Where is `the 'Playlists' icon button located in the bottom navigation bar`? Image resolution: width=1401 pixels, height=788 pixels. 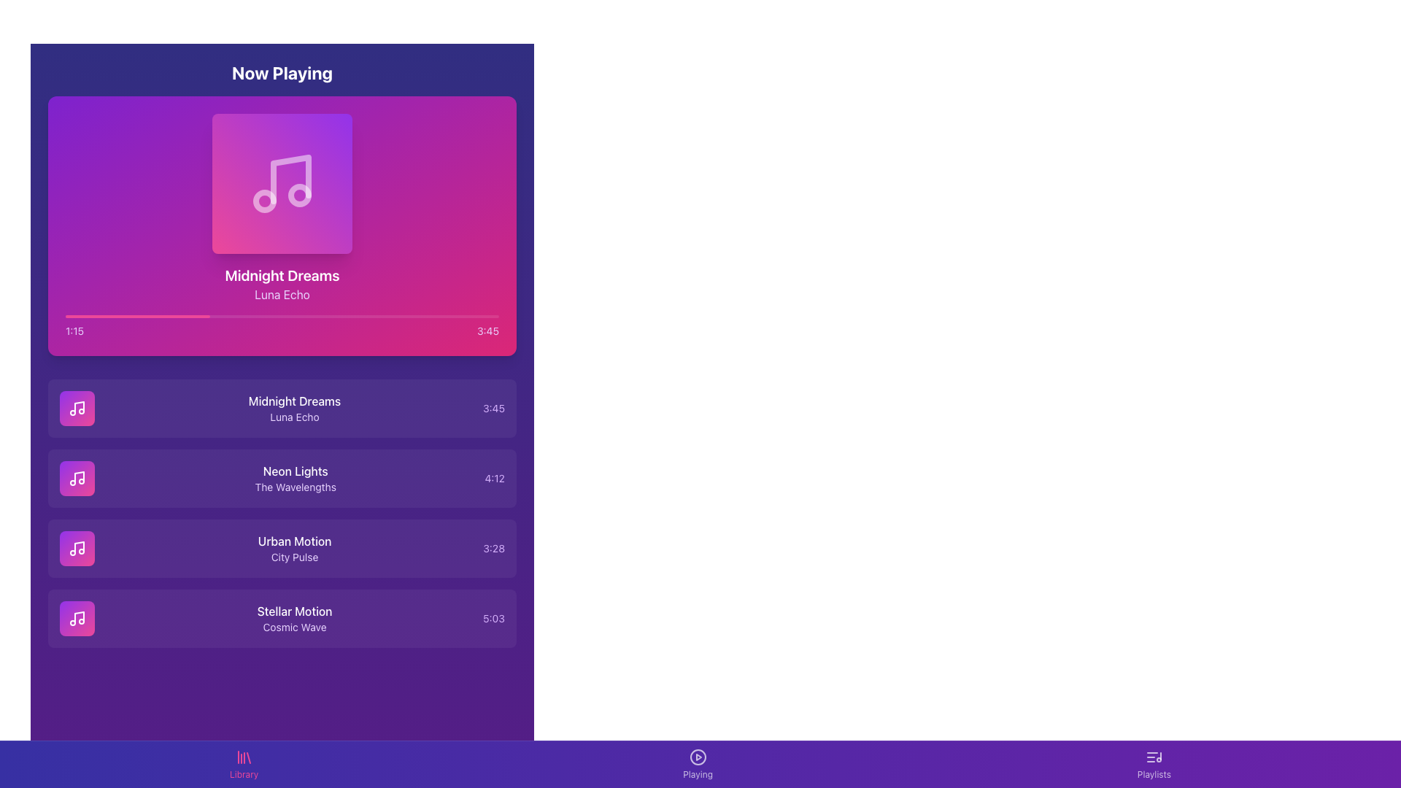 the 'Playlists' icon button located in the bottom navigation bar is located at coordinates (1153, 756).